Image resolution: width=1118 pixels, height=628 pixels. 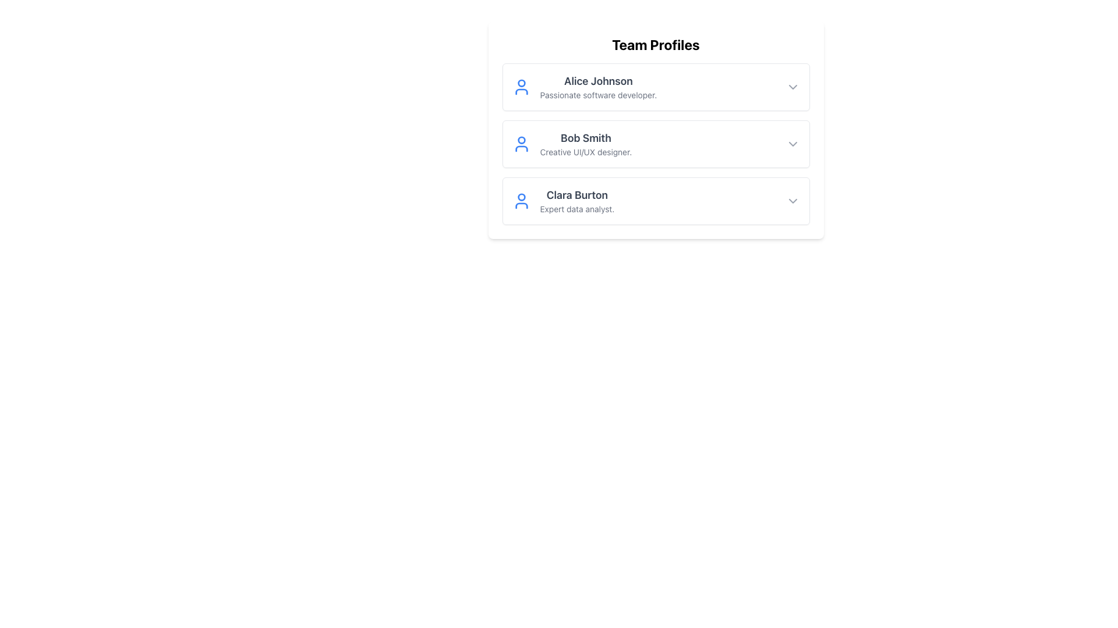 What do you see at coordinates (586, 138) in the screenshot?
I see `styling of the text label displaying 'Bob Smith', which is bold and dark gray, positioned above the subtitle 'Creative UI/UX designer' in the second profile card under 'Team Profiles'` at bounding box center [586, 138].